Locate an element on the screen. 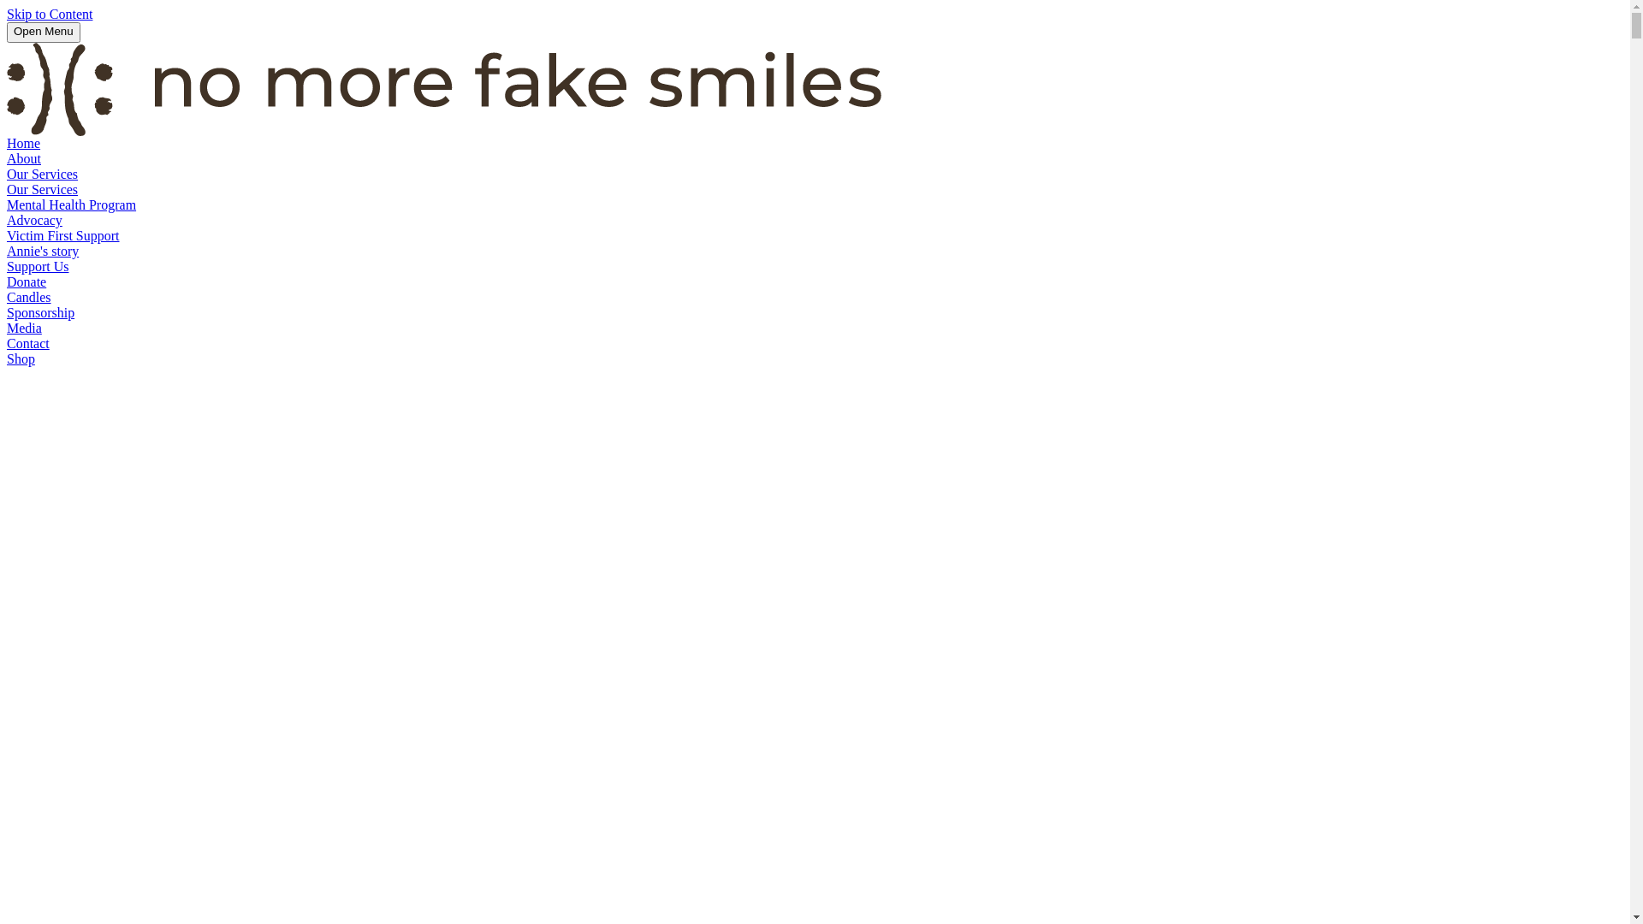 This screenshot has height=924, width=1643. 'Annie's story' is located at coordinates (7, 251).